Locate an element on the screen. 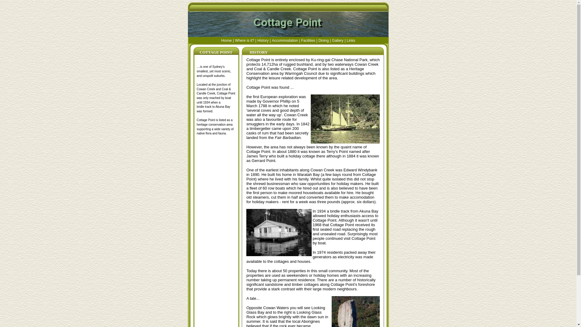 This screenshot has width=581, height=327. 'Dining' is located at coordinates (318, 40).